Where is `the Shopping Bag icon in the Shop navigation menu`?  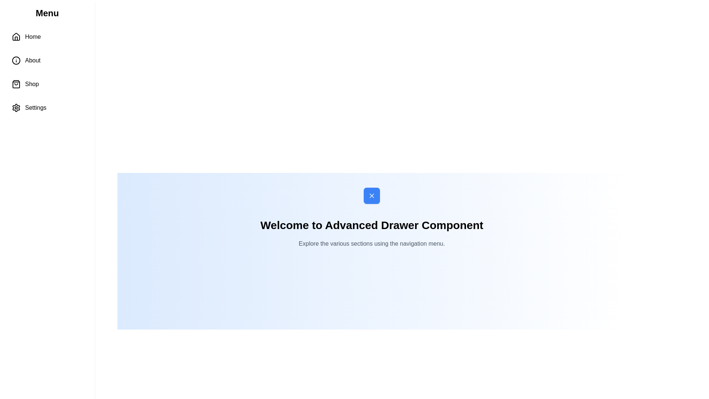 the Shopping Bag icon in the Shop navigation menu is located at coordinates (16, 83).